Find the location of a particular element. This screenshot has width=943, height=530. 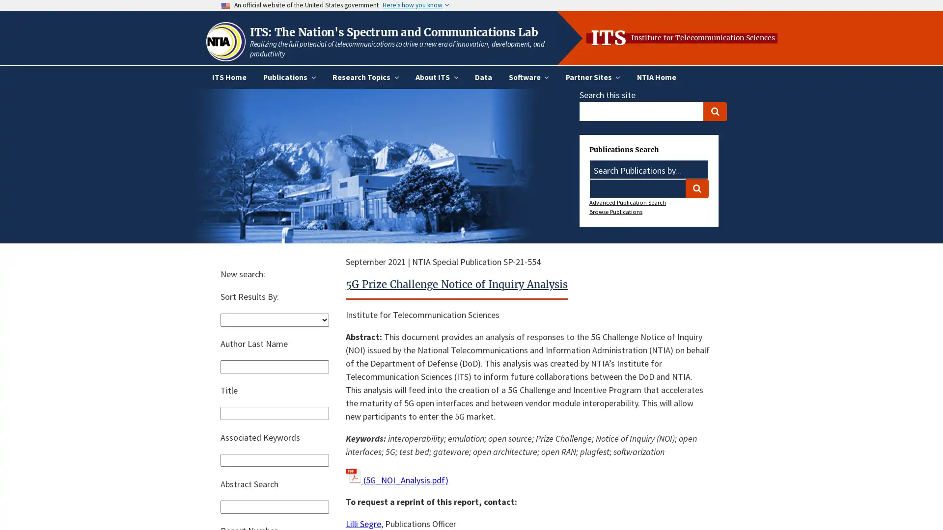

Partner Sites is located at coordinates (592, 77).